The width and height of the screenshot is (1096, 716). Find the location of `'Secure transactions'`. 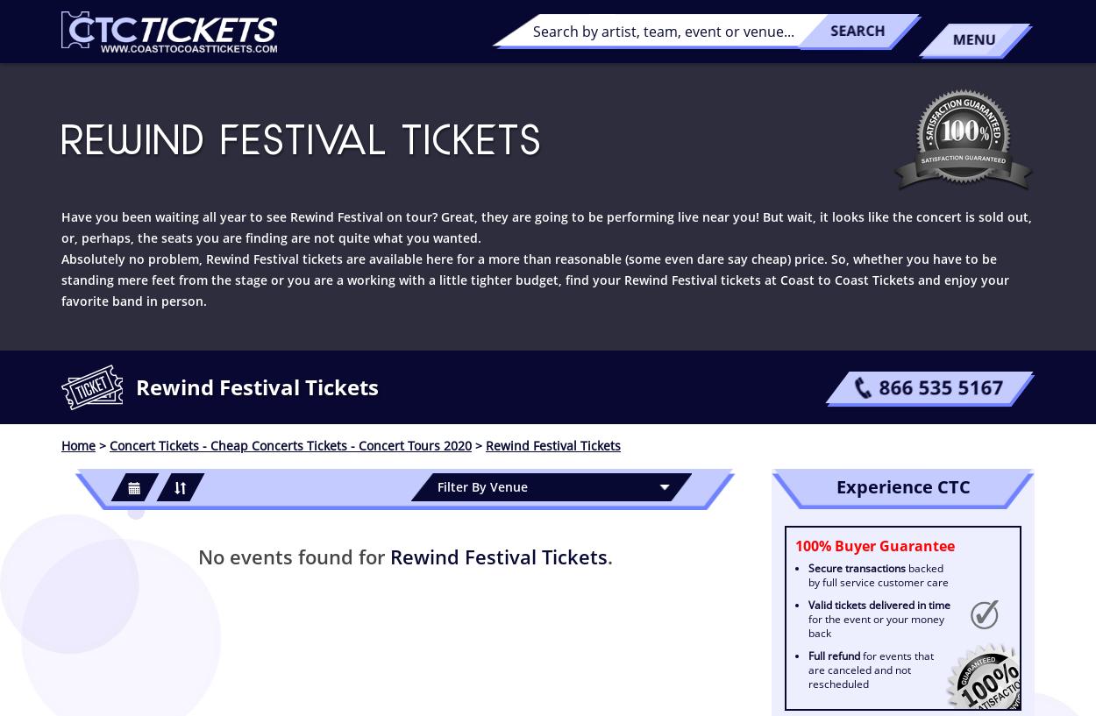

'Secure transactions' is located at coordinates (856, 568).